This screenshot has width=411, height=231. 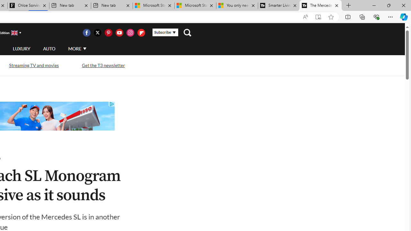 What do you see at coordinates (33, 65) in the screenshot?
I see `'Streaming TV and movies'` at bounding box center [33, 65].